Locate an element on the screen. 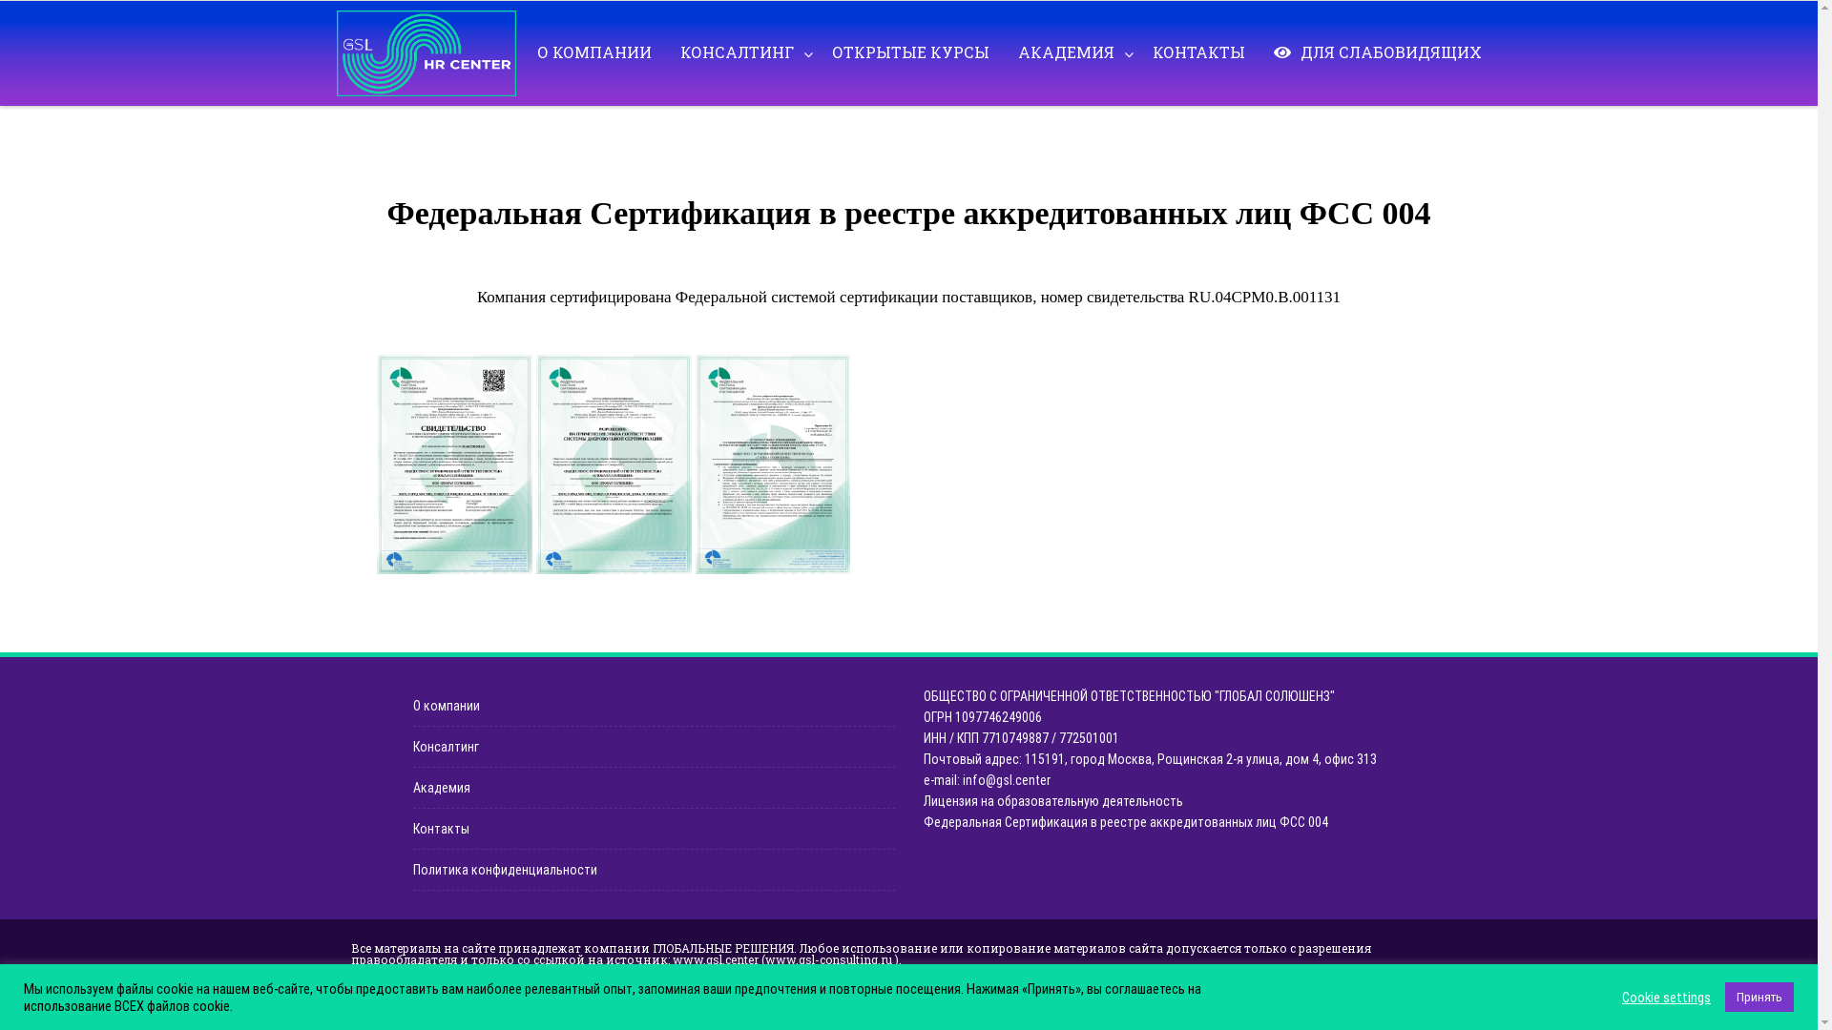 The image size is (1832, 1030). 'www.gsl.center' is located at coordinates (713, 959).